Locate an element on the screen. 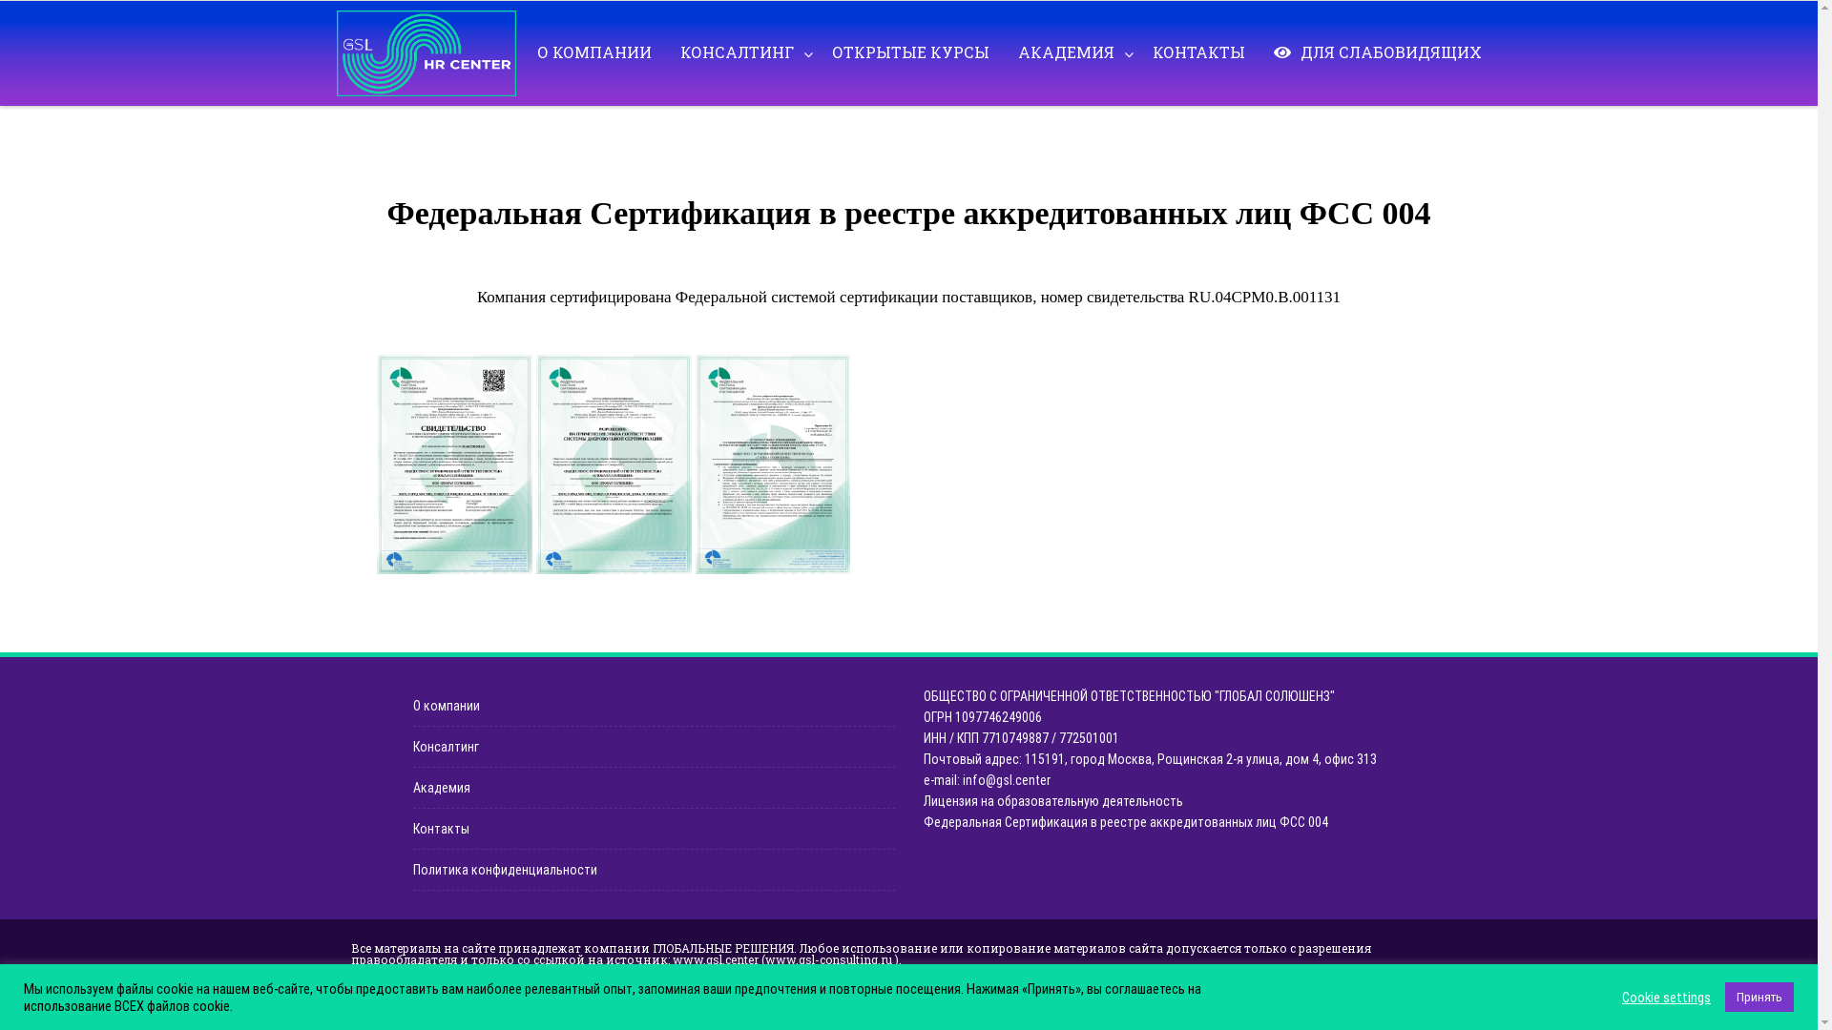 The image size is (1832, 1030). 'www.gsl.center' is located at coordinates (713, 959).